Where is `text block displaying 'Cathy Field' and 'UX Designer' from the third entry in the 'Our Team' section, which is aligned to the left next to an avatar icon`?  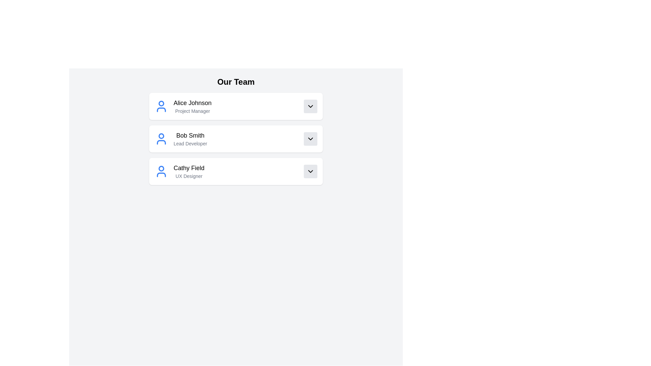
text block displaying 'Cathy Field' and 'UX Designer' from the third entry in the 'Our Team' section, which is aligned to the left next to an avatar icon is located at coordinates (189, 171).